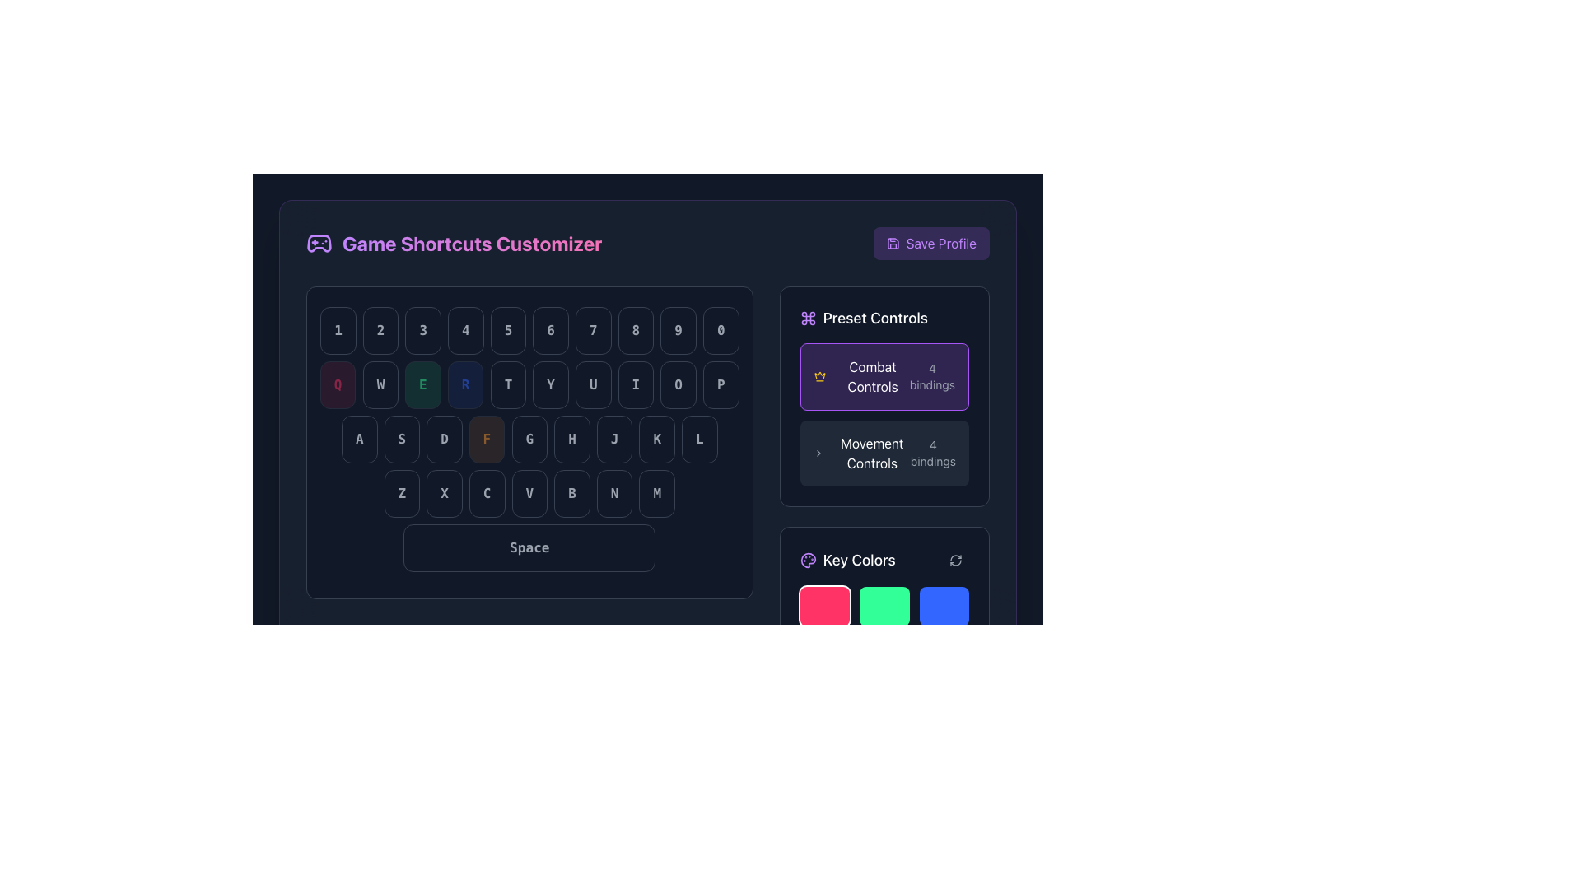  What do you see at coordinates (529, 493) in the screenshot?
I see `the 'V' Key Button, which is a rectangular button with a dark background and rounded corners, located in the fourth position of its row on the keyboard` at bounding box center [529, 493].